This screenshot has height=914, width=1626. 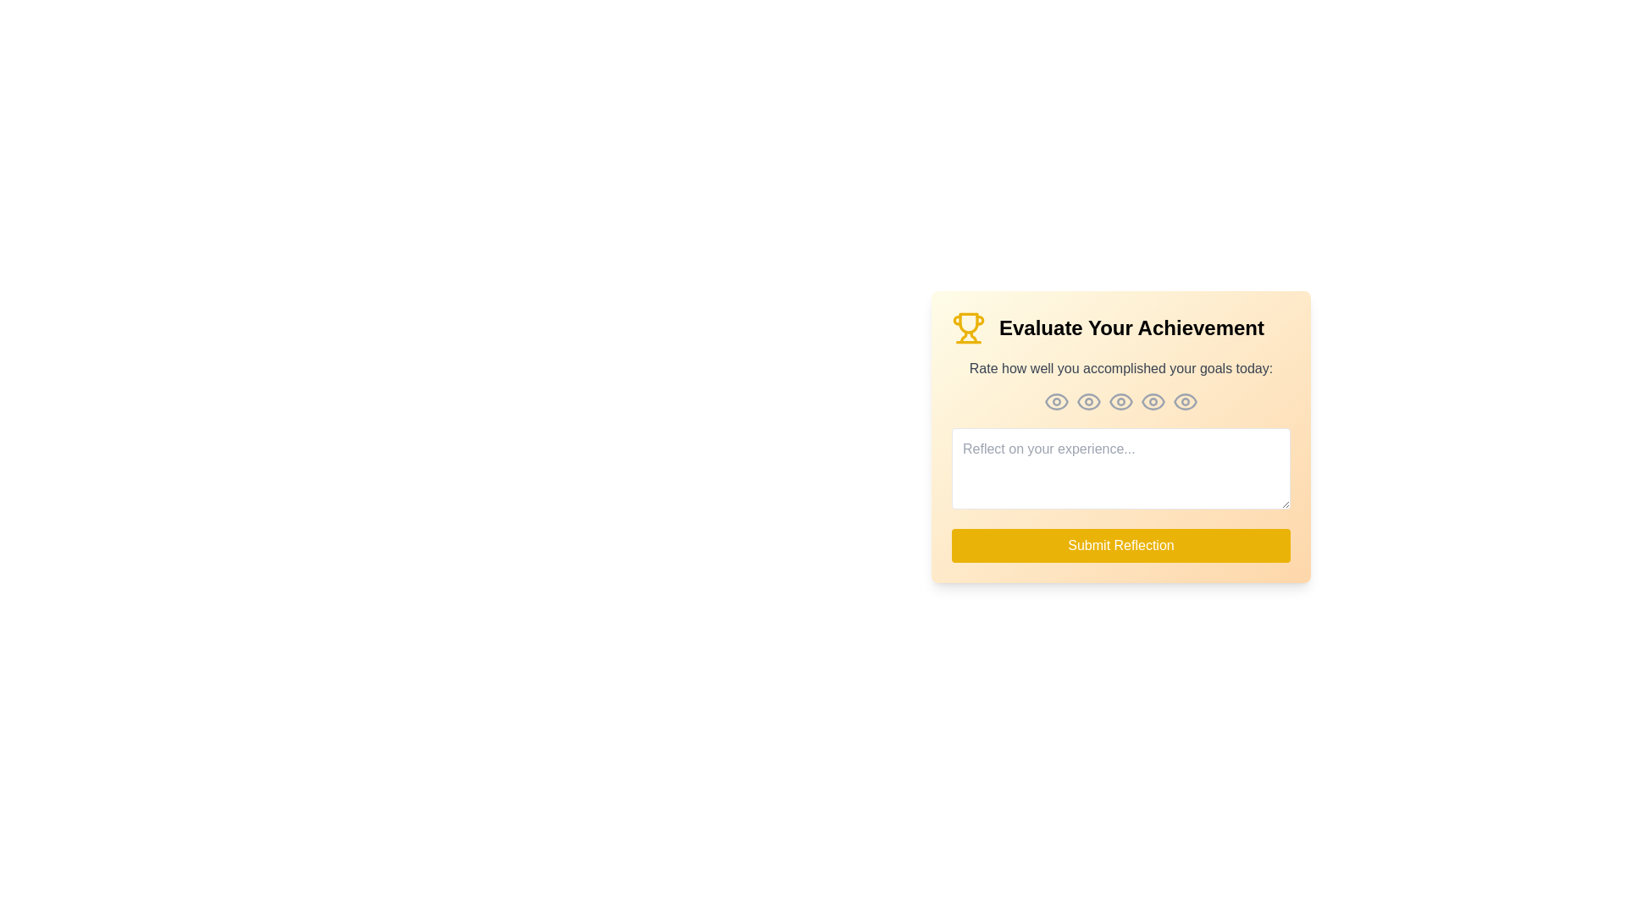 I want to click on the eye icon corresponding to the rating level 1 to set the rating, so click(x=1056, y=401).